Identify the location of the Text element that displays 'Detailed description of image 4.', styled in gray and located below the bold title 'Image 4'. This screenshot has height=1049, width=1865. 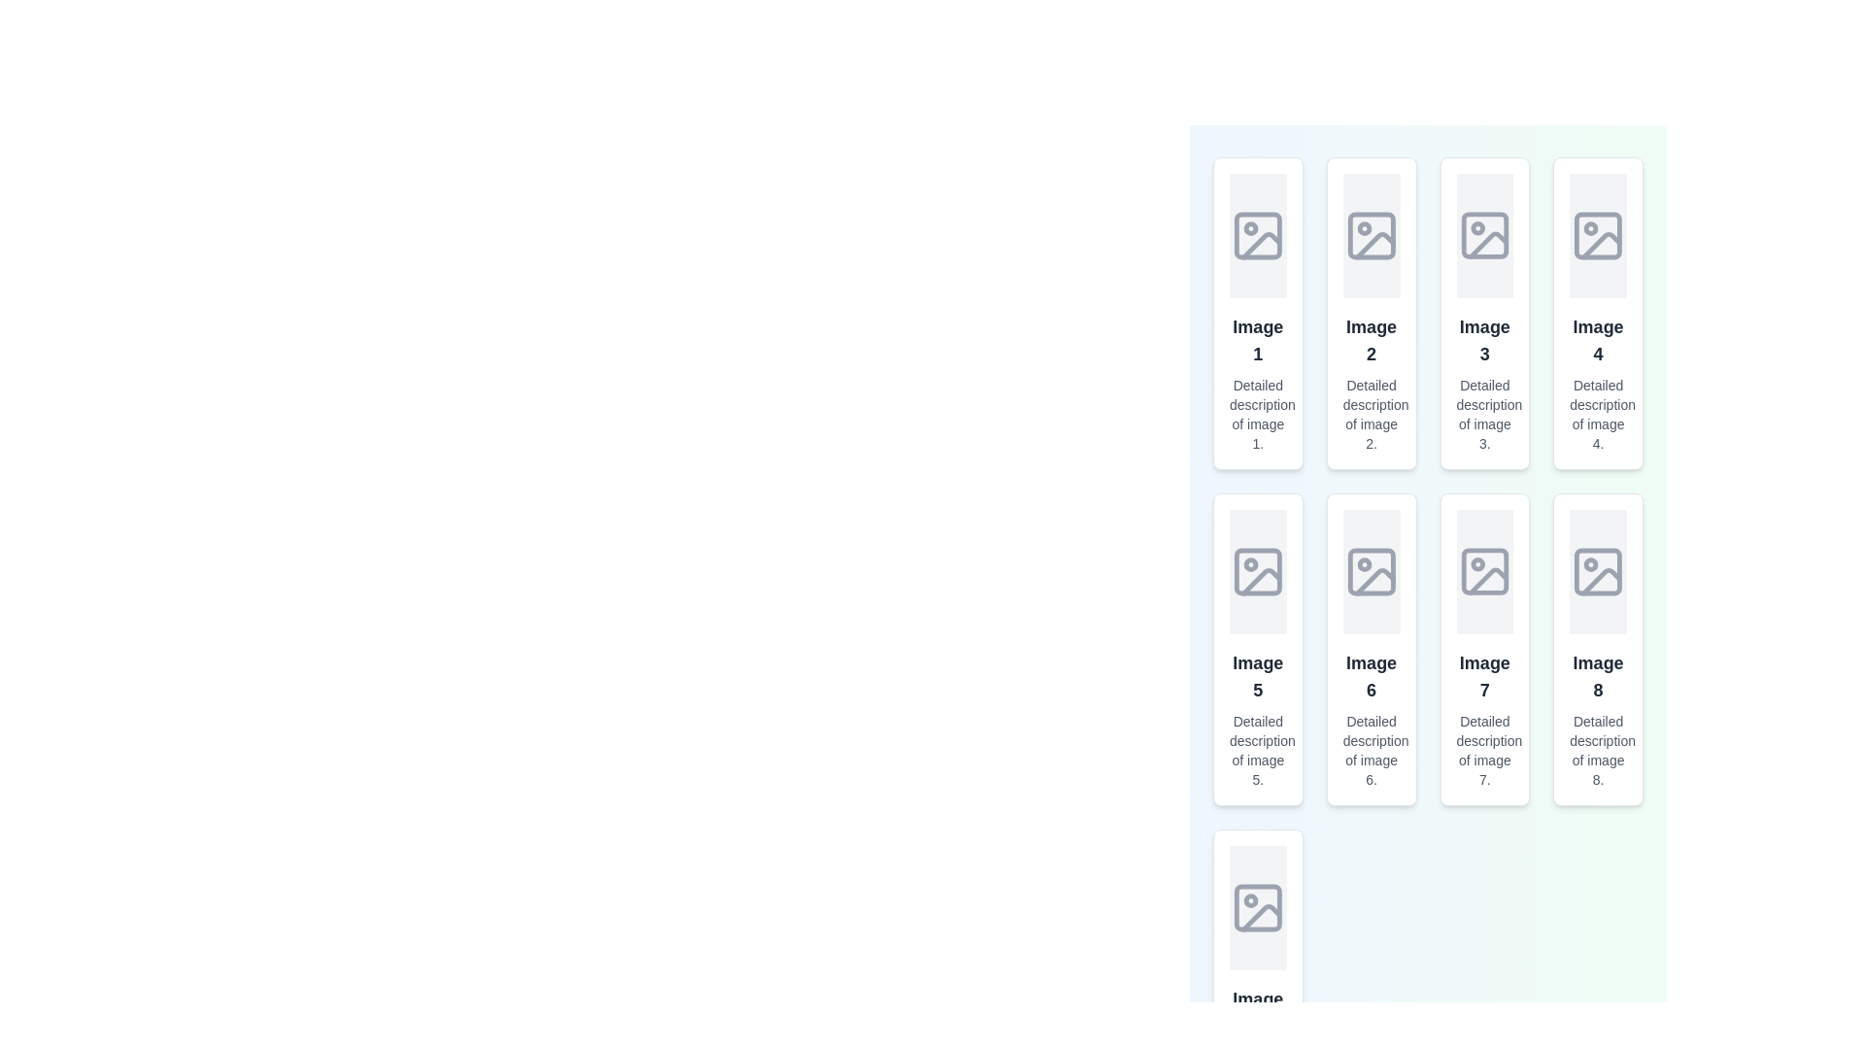
(1598, 414).